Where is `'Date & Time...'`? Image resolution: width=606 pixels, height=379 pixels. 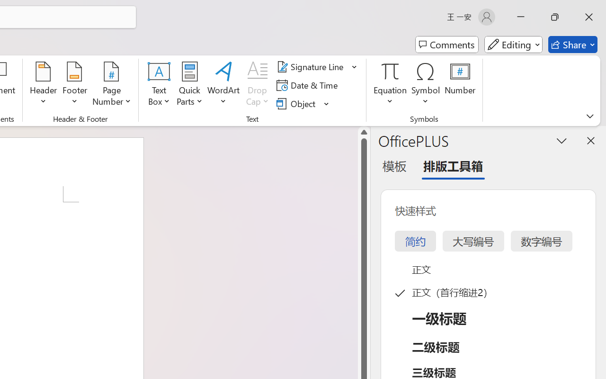 'Date & Time...' is located at coordinates (309, 85).